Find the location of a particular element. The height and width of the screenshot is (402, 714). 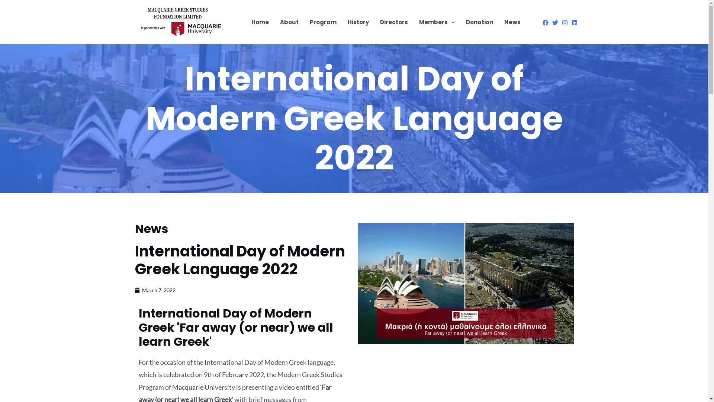

'Program' is located at coordinates (323, 22).